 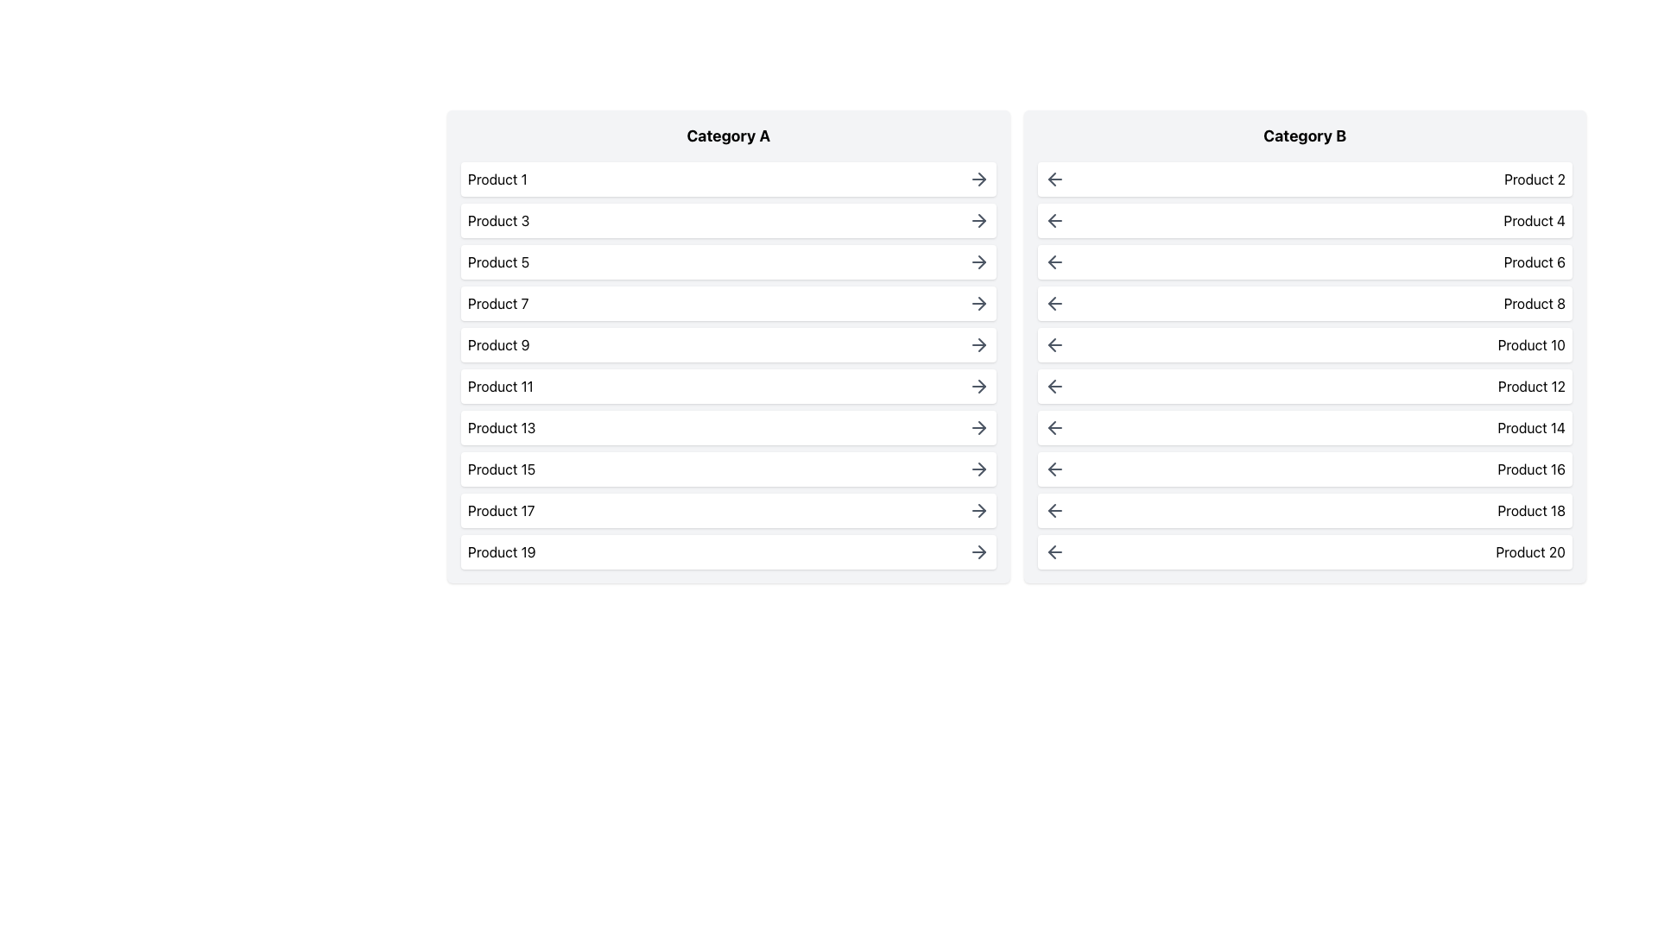 I want to click on text label displaying 'Product 15' located in the 8th position from the top within the 'Category A' section of the interface, so click(x=501, y=469).